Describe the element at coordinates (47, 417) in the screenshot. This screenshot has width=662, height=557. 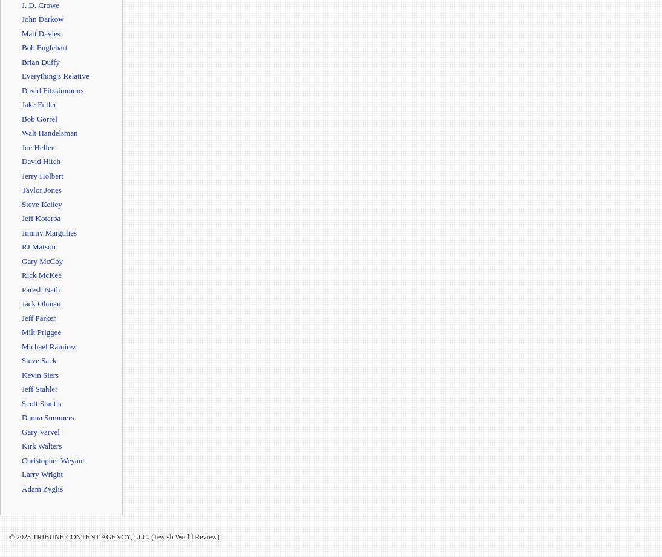
I see `'Danna Summers'` at that location.